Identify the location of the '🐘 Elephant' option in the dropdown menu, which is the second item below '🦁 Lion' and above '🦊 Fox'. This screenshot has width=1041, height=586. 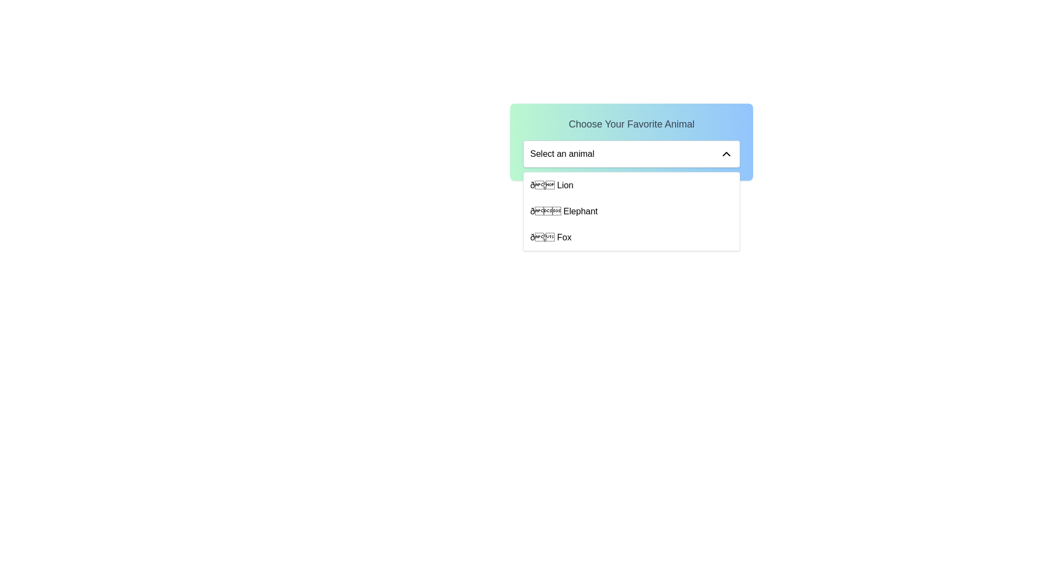
(632, 211).